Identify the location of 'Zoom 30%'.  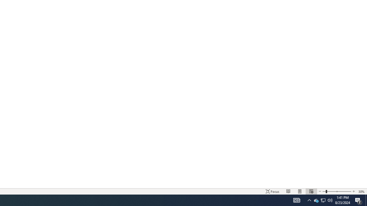
(361, 191).